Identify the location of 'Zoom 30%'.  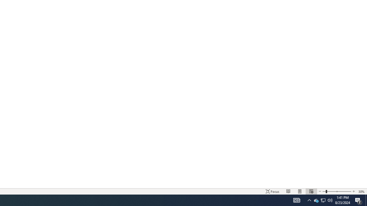
(361, 191).